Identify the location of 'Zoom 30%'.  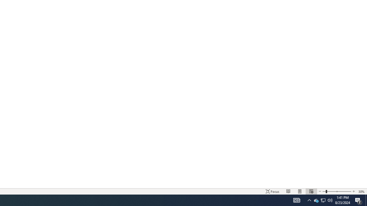
(361, 191).